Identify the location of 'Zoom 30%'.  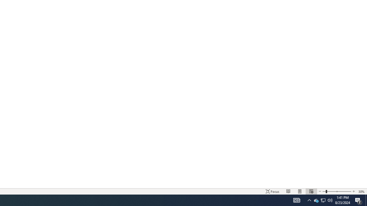
(361, 191).